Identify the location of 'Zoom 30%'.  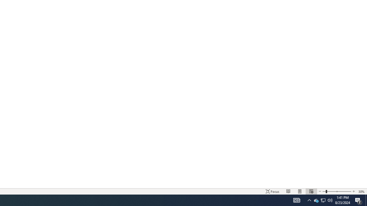
(361, 191).